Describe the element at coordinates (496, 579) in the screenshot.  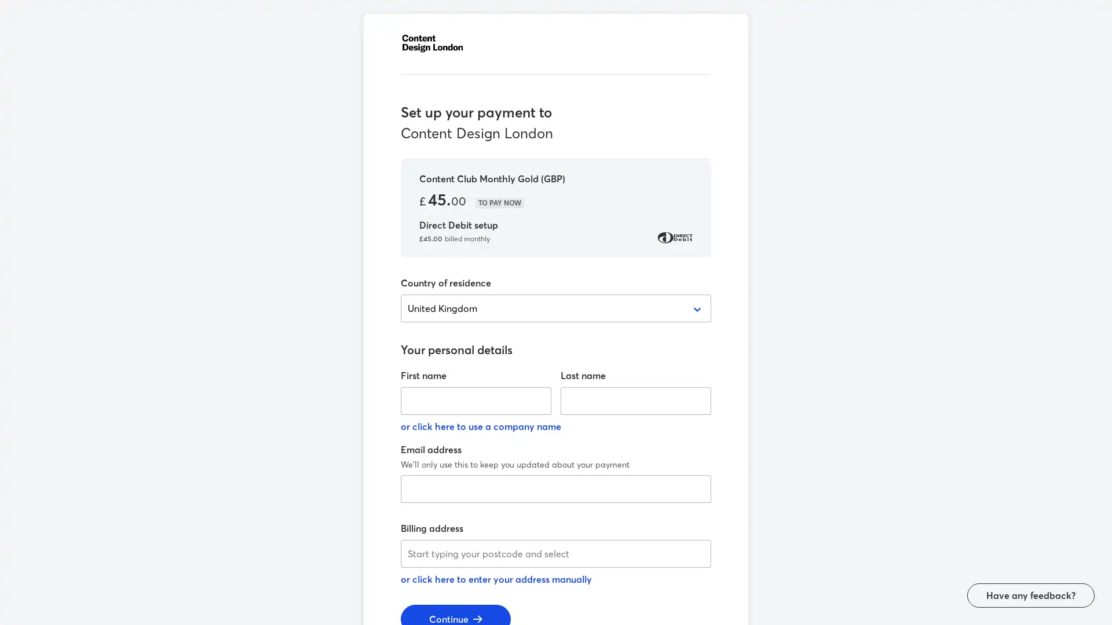
I see `or click here to enter your address manually` at that location.